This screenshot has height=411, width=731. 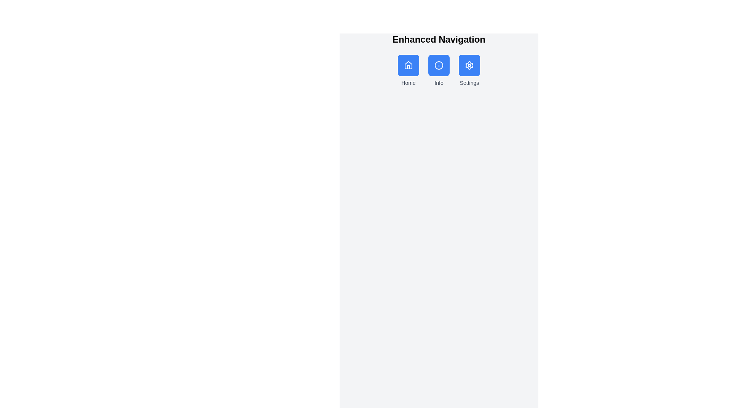 I want to click on the central button labeled 'Info' which has a blue background and an icon of a circle with an 'i', so click(x=439, y=70).